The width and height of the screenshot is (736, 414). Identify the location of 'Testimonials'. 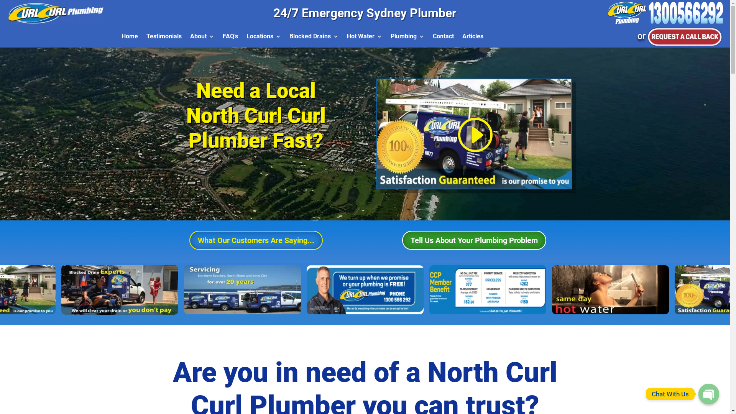
(163, 38).